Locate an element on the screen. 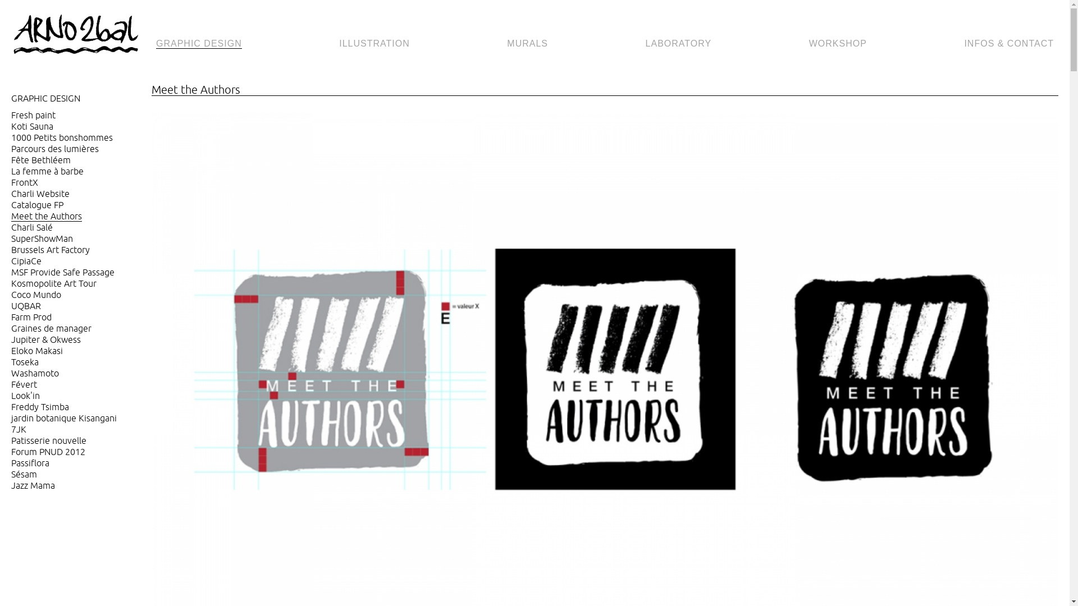  'Brussels Art Factory' is located at coordinates (50, 249).